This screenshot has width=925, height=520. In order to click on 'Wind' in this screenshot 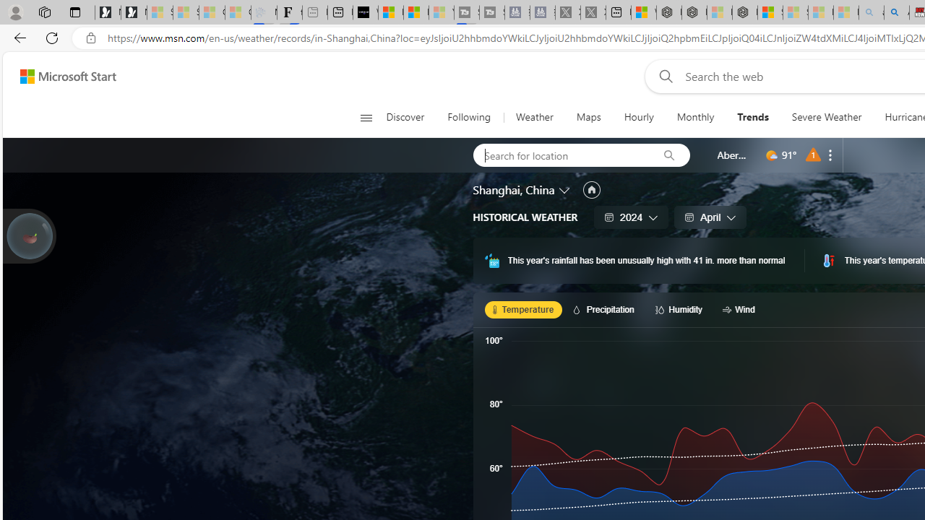, I will do `click(741, 308)`.